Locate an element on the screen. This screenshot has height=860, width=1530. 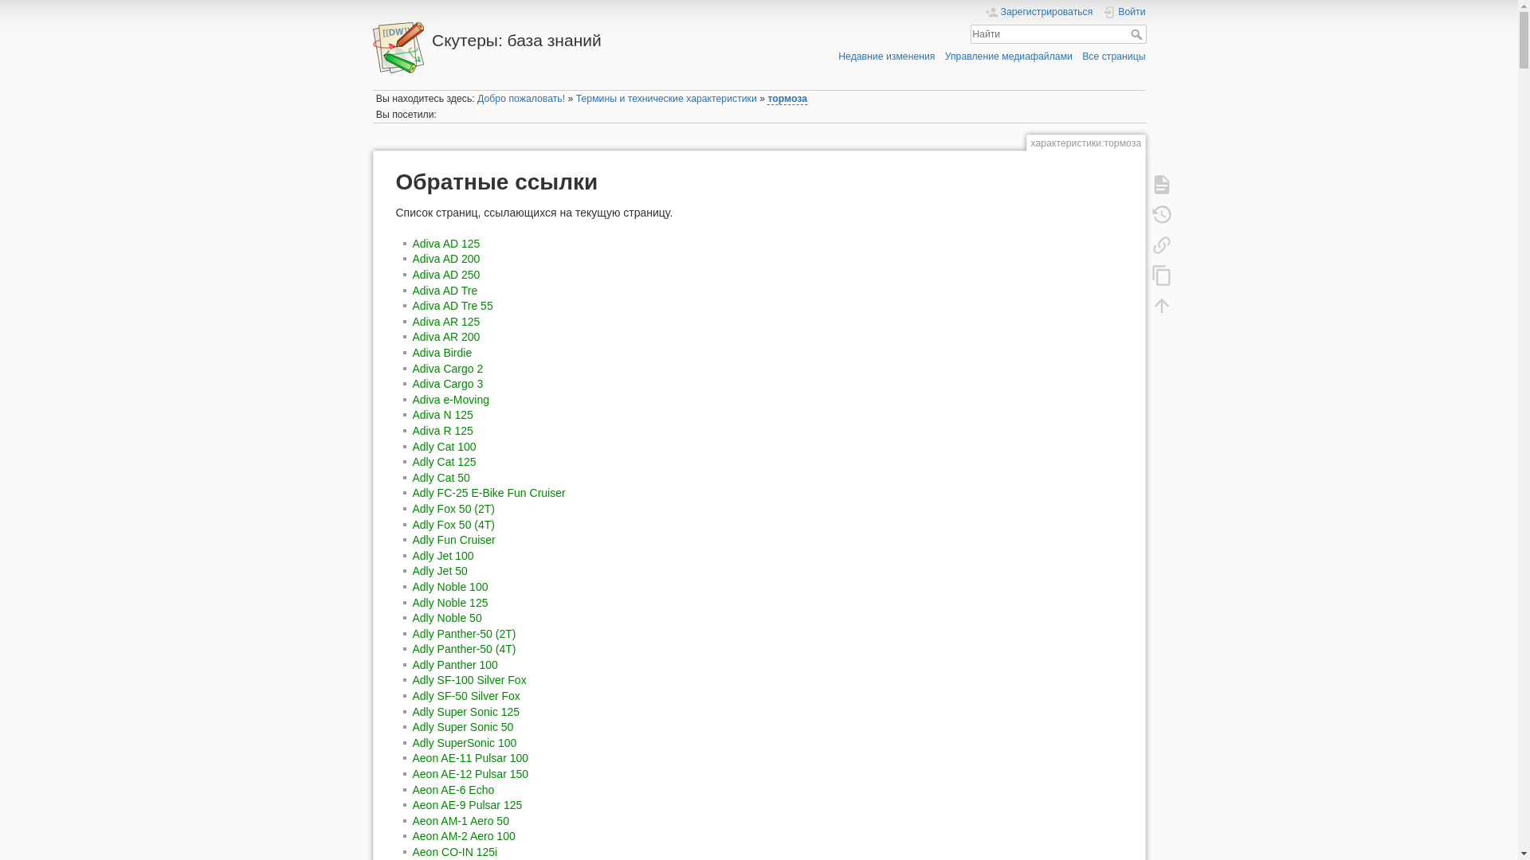
'Adiva R 125' is located at coordinates (443, 430).